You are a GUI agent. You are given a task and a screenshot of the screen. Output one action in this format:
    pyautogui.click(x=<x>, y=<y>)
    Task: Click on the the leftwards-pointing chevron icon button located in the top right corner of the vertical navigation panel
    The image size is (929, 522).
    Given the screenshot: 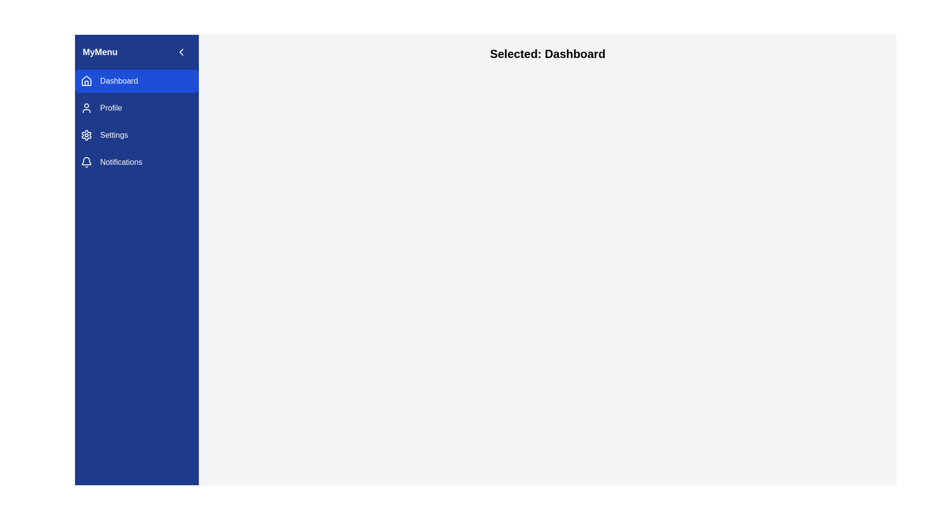 What is the action you would take?
    pyautogui.click(x=181, y=52)
    